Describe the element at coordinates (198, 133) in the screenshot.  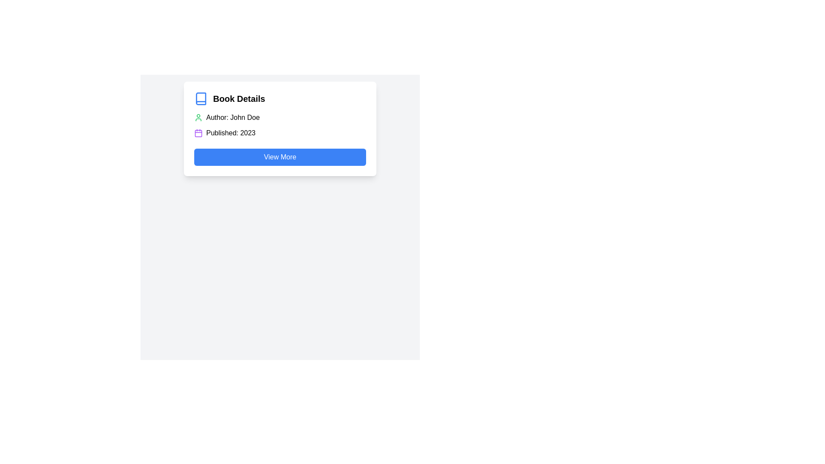
I see `the inner visual representation of the calendar icon next to the text 'Published: 2023' within the second row of details in the information box` at that location.